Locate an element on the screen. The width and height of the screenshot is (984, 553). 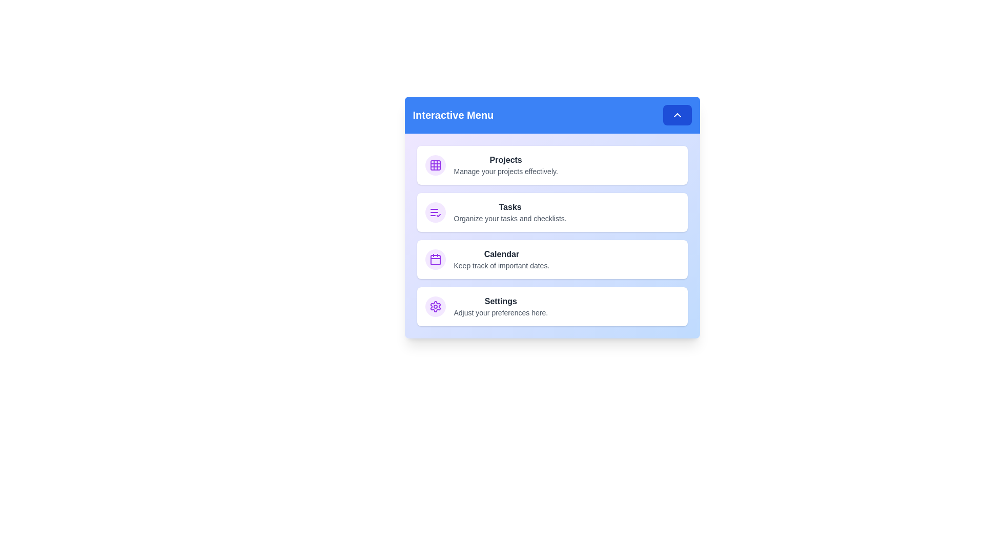
the button with the Chevron icon to toggle the menu visibility is located at coordinates (677, 115).